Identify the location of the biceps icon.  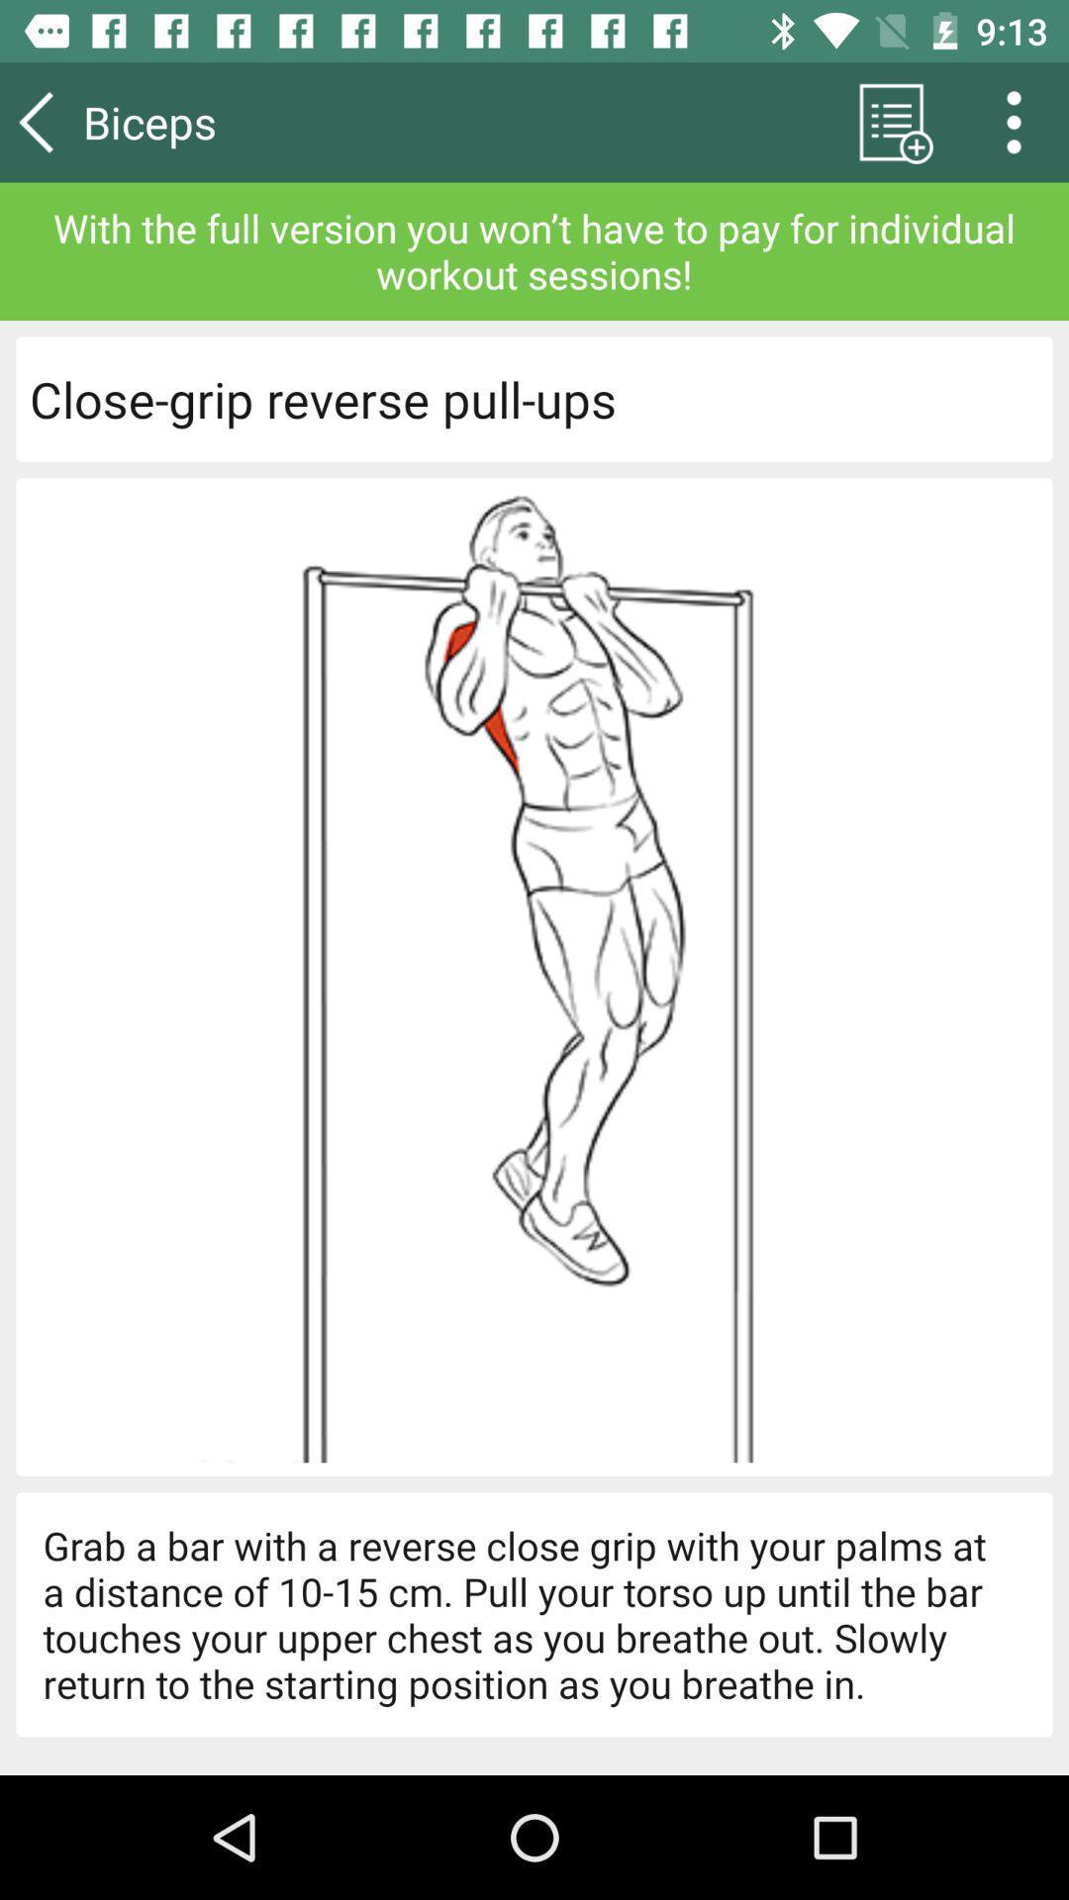
(206, 121).